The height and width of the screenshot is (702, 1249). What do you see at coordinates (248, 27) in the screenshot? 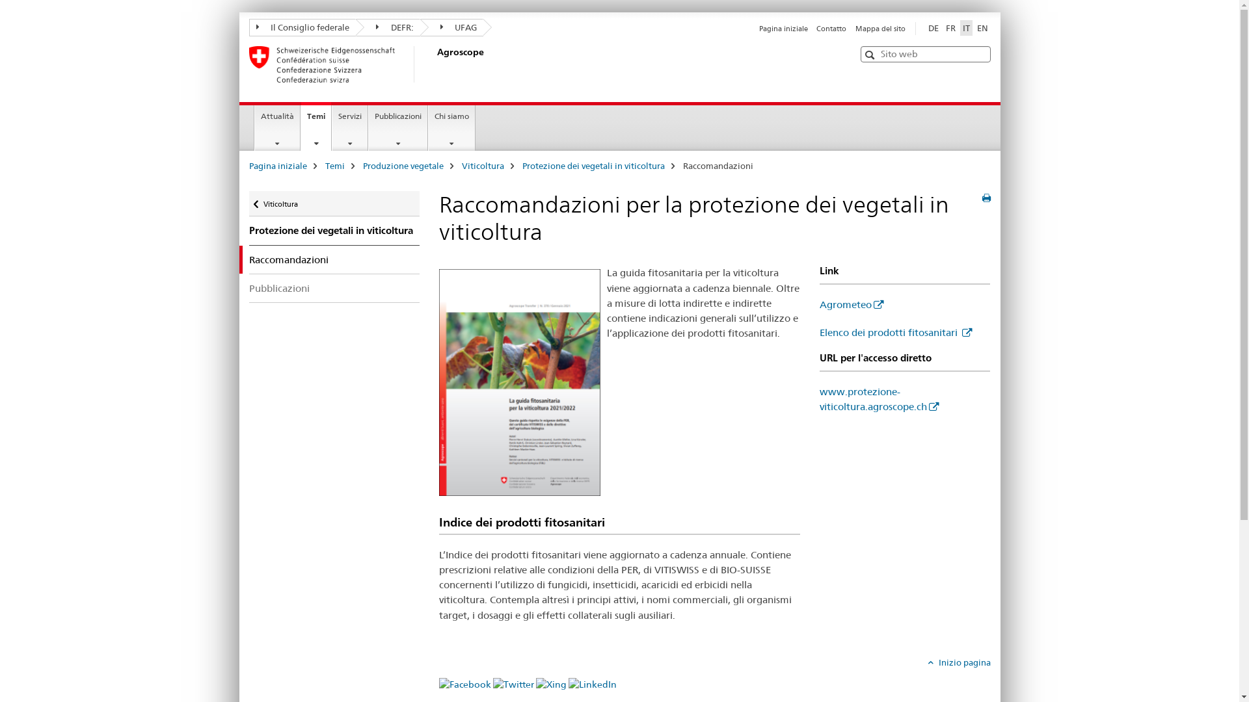
I see `'Il Consiglio federale'` at bounding box center [248, 27].